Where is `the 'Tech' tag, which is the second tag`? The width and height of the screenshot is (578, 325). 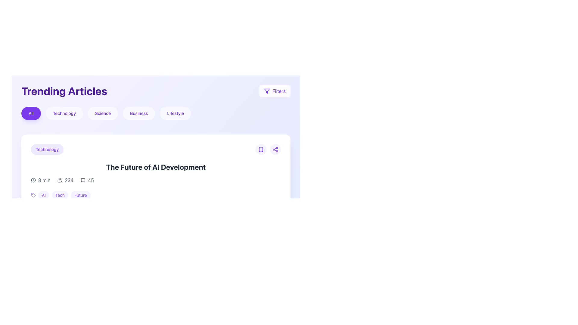
the 'Tech' tag, which is the second tag is located at coordinates (64, 195).